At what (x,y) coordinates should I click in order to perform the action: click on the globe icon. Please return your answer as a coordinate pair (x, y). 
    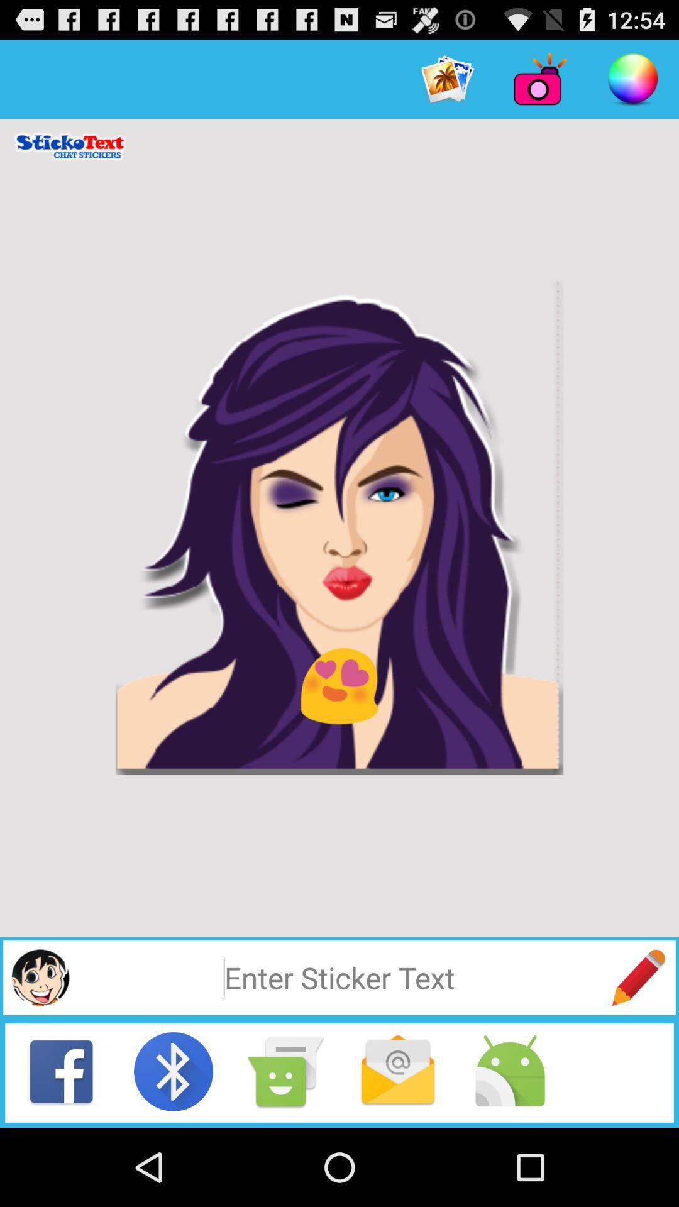
    Looking at the image, I should click on (40, 1046).